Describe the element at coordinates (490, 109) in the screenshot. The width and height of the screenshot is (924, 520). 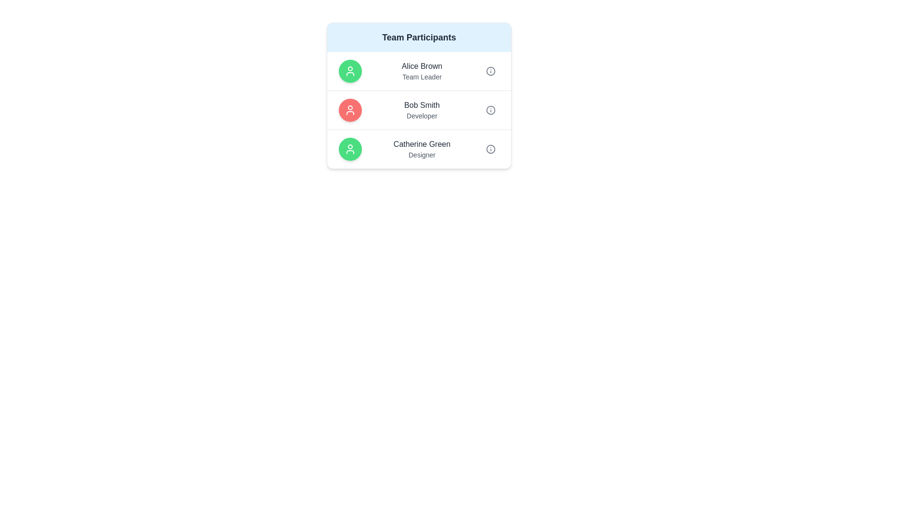
I see `the circular graphical element of the information icon located next to 'Bob Smith', who is labeled as 'Developer', in the second row of the list component` at that location.